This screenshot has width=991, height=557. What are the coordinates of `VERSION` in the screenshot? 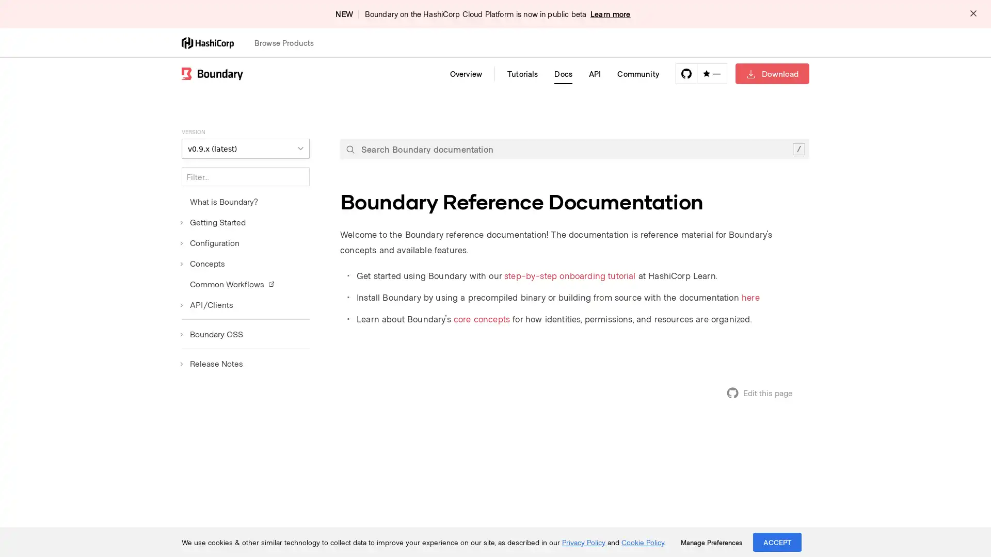 It's located at (245, 149).